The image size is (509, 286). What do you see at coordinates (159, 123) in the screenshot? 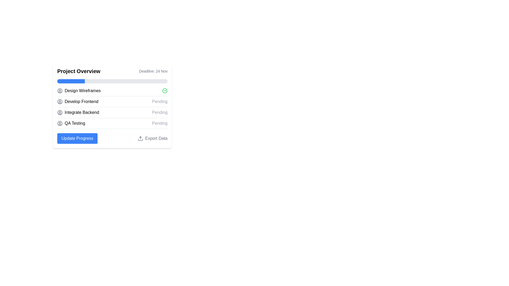
I see `'Pending' text label, which is styled in gray and positioned next to the 'QA Testing' label in the project's task list` at bounding box center [159, 123].